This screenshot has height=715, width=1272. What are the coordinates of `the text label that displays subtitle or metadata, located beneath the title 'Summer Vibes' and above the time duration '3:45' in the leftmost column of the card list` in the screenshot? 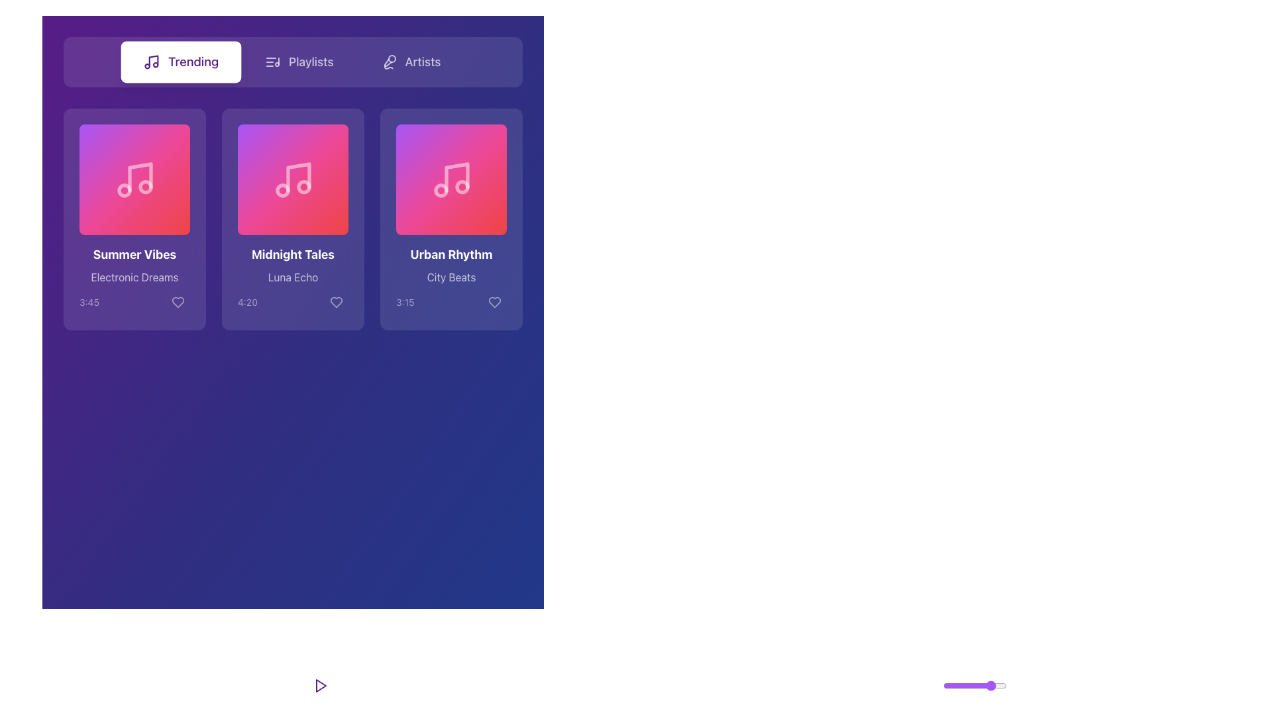 It's located at (134, 277).